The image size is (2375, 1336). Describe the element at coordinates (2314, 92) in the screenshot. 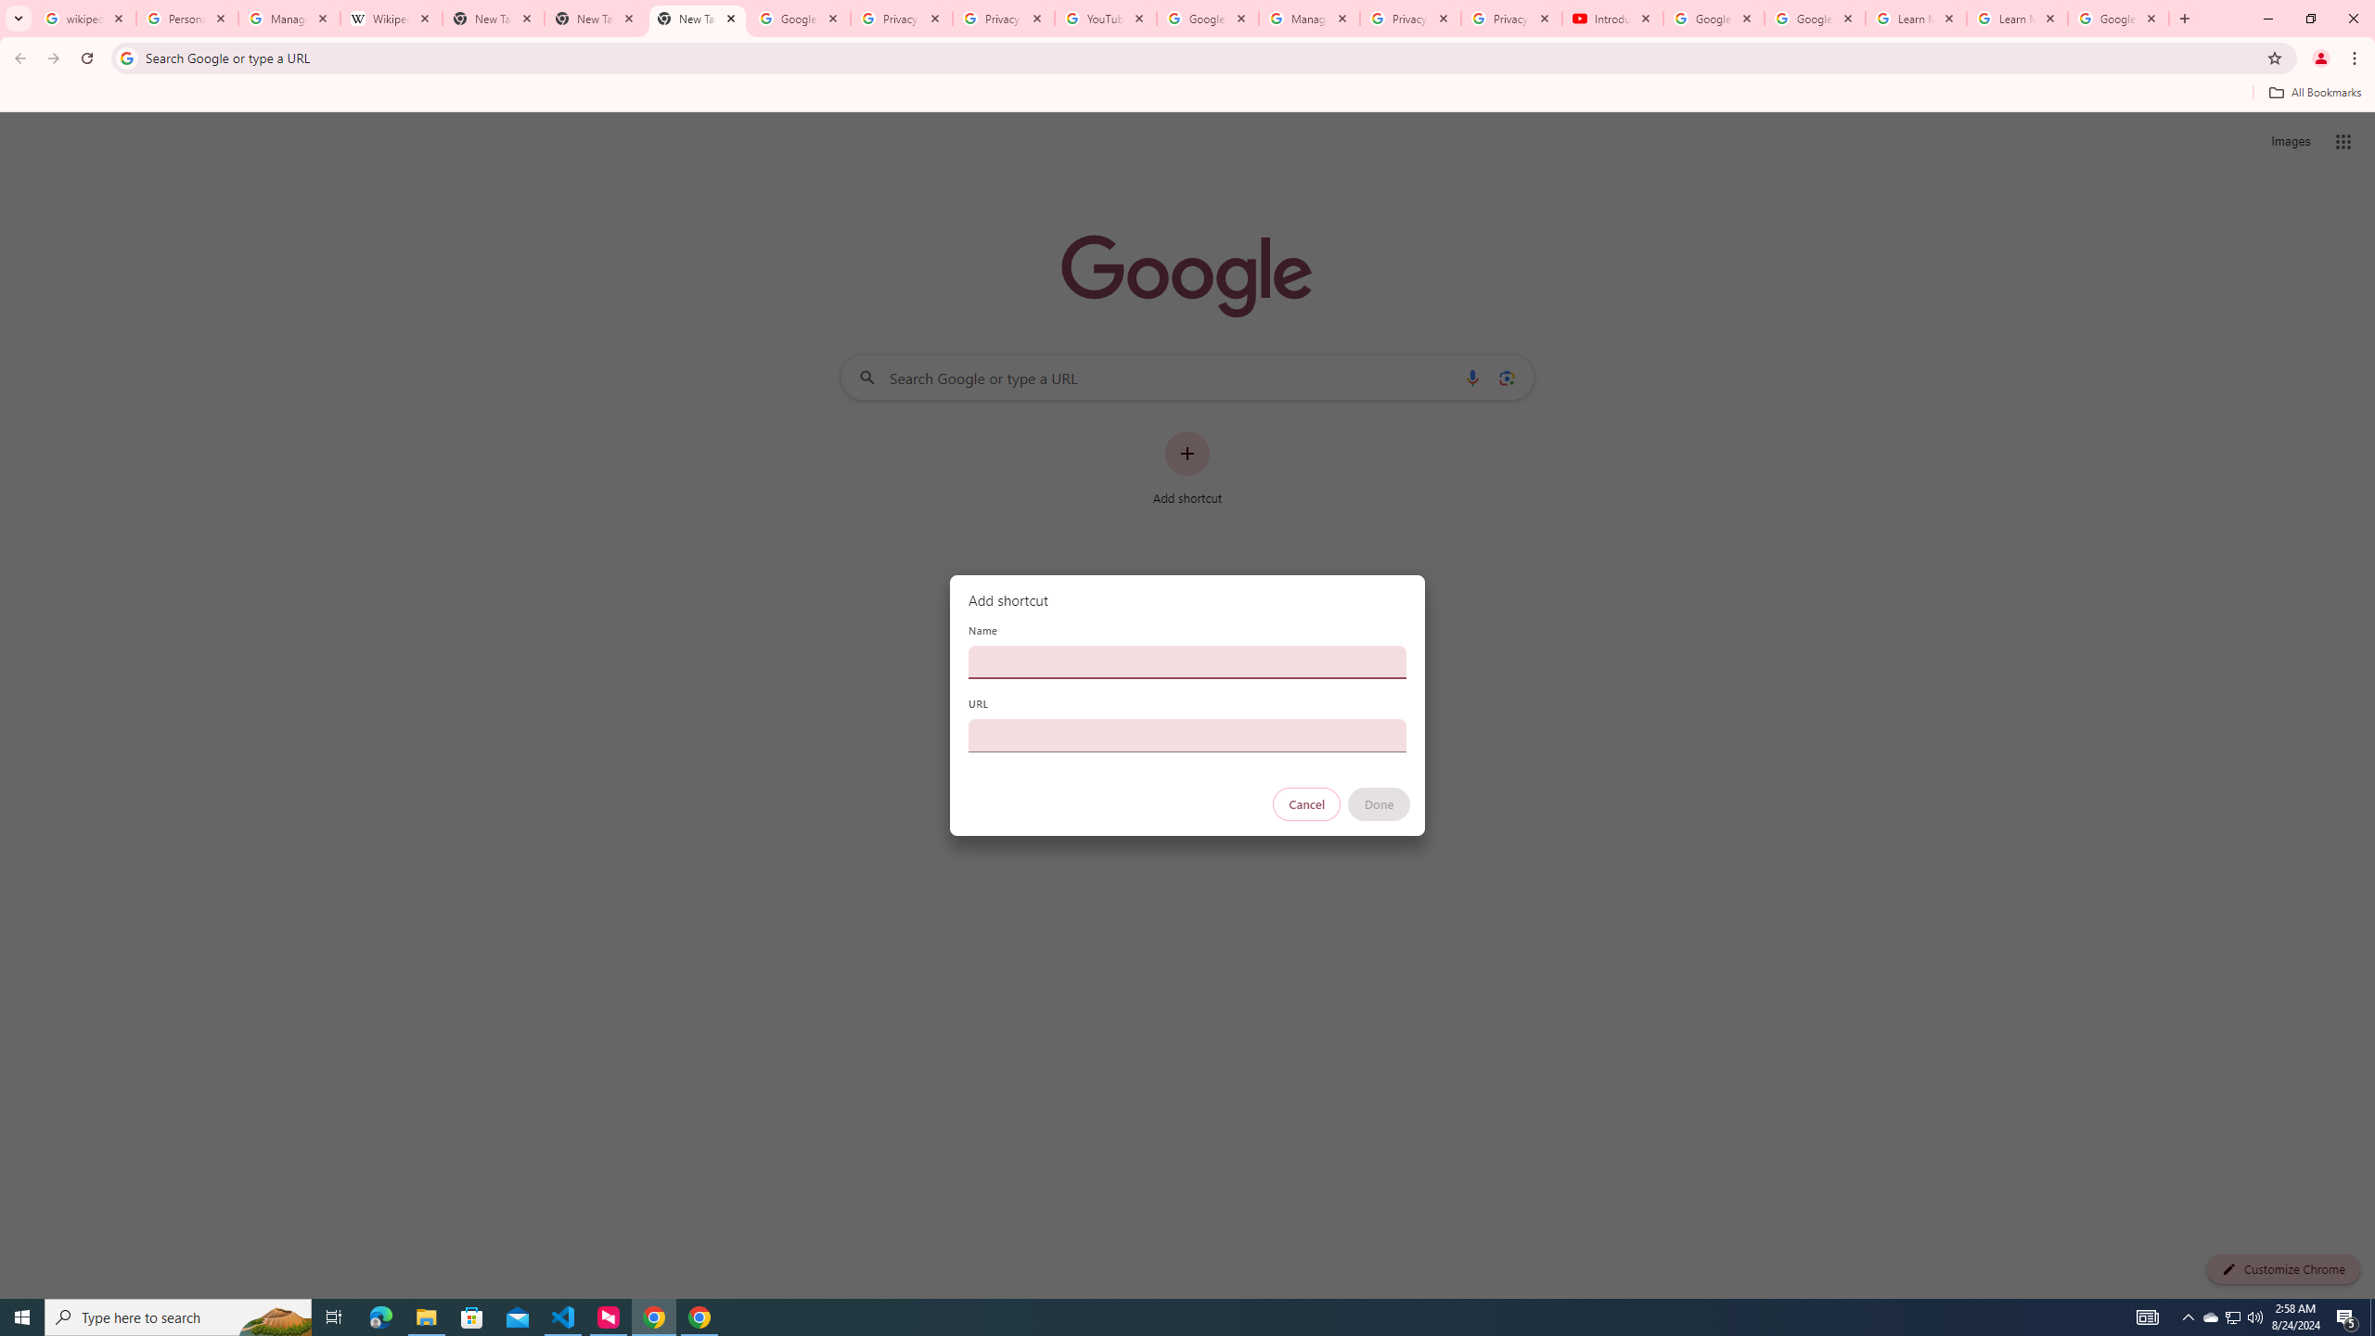

I see `'All Bookmarks'` at that location.